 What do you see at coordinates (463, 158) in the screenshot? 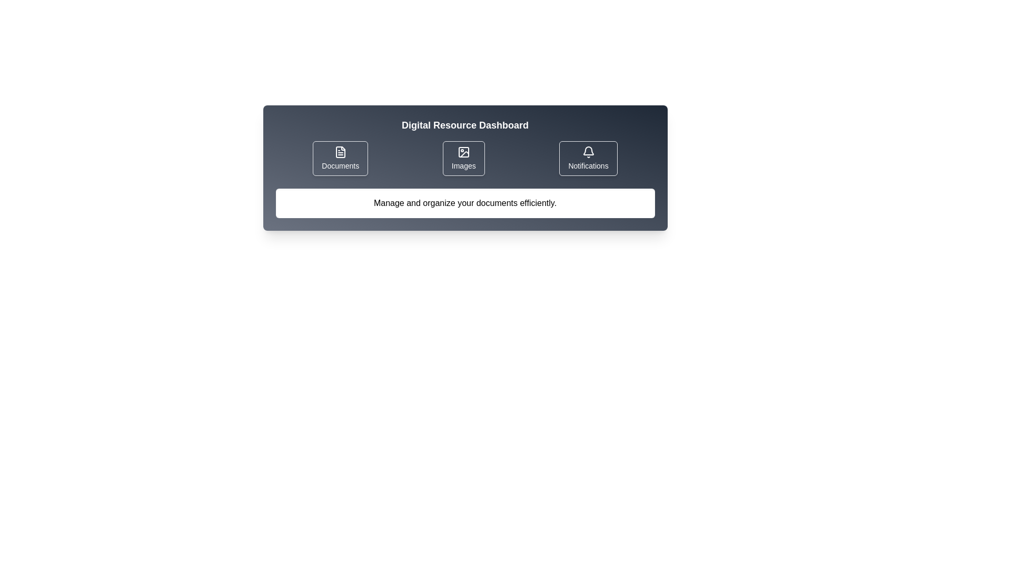
I see `the Images tab by clicking on its corresponding button` at bounding box center [463, 158].